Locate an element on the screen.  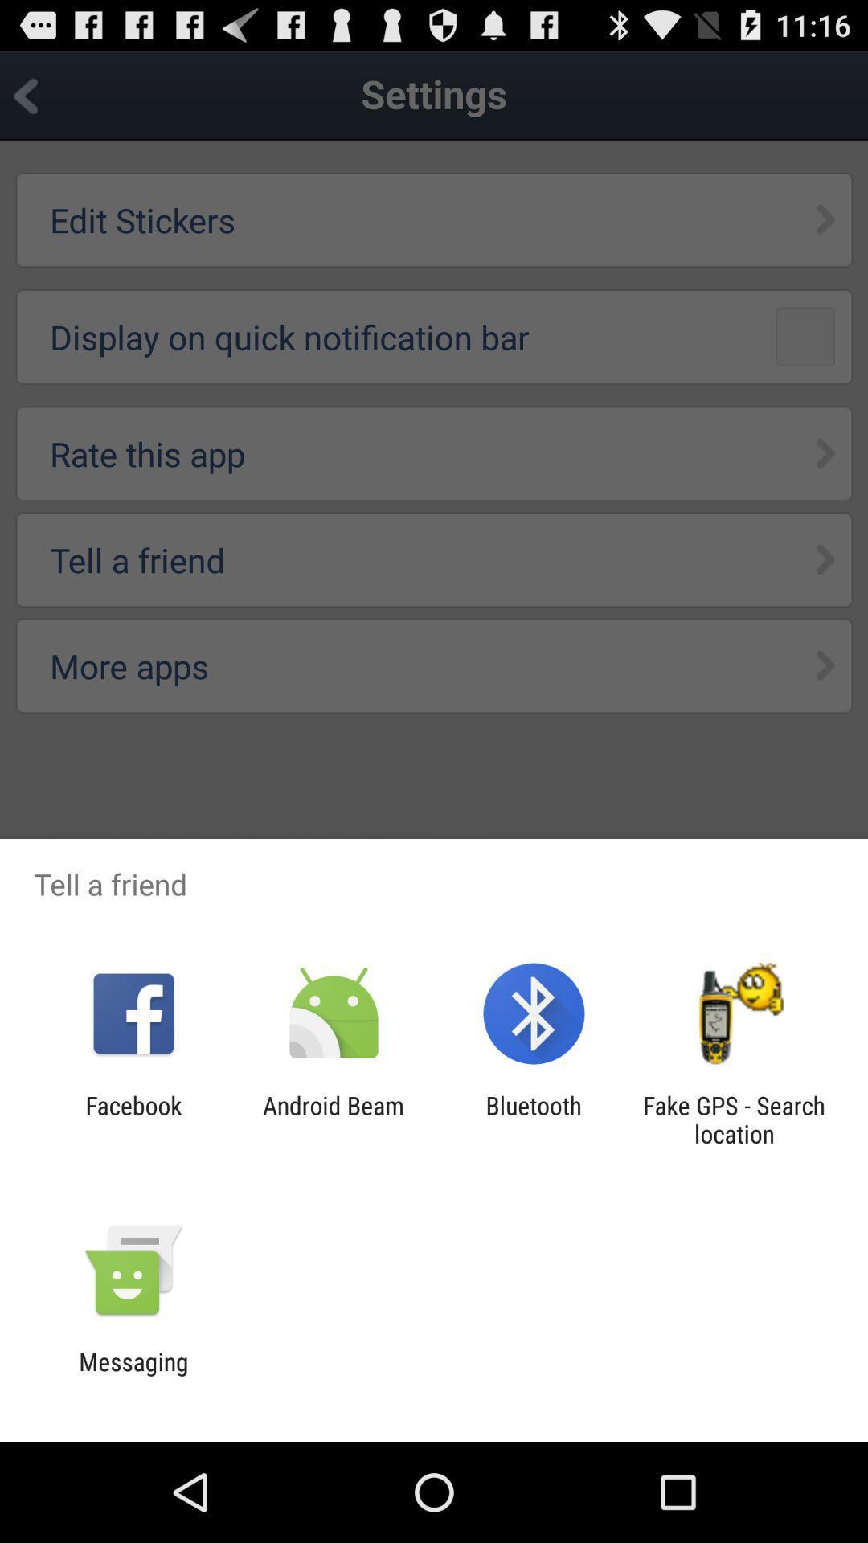
the bluetooth app is located at coordinates (534, 1119).